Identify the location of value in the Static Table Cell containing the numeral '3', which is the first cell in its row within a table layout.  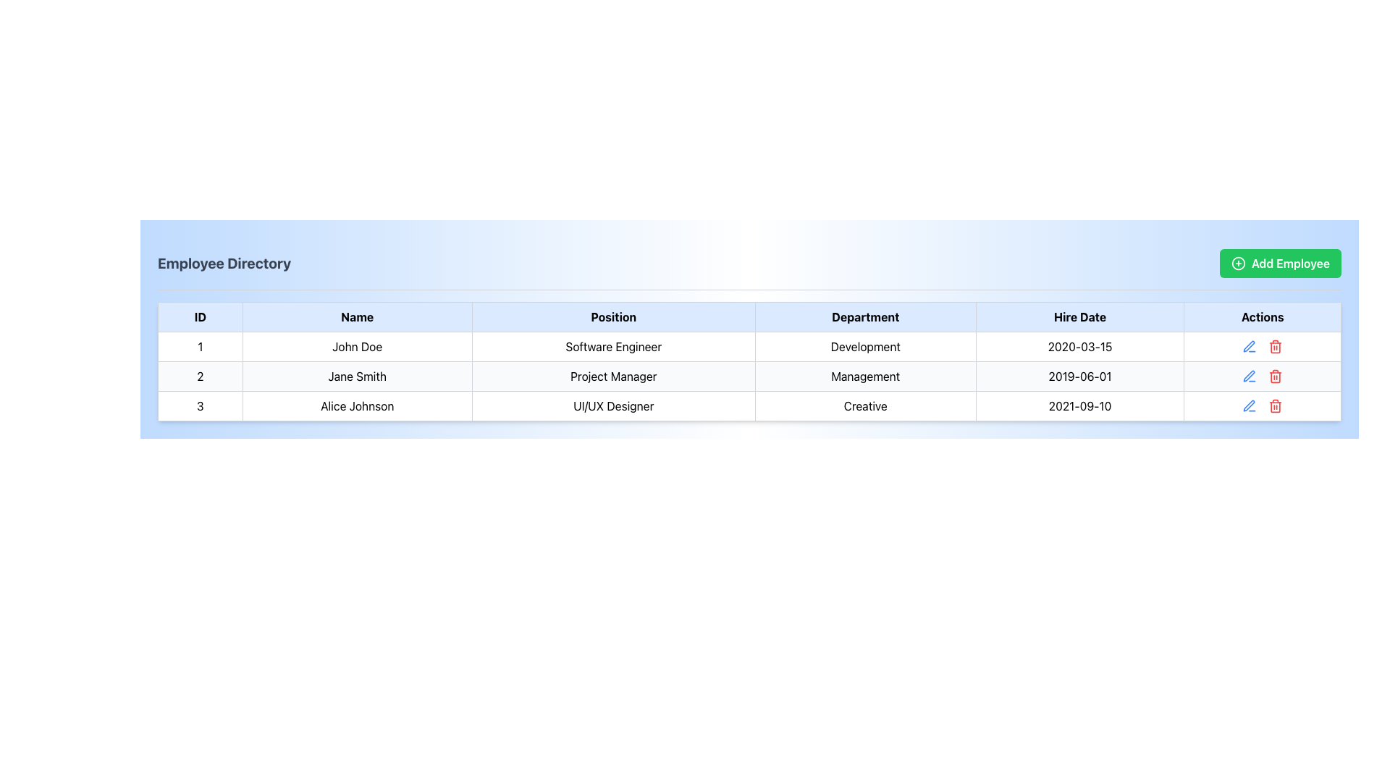
(199, 405).